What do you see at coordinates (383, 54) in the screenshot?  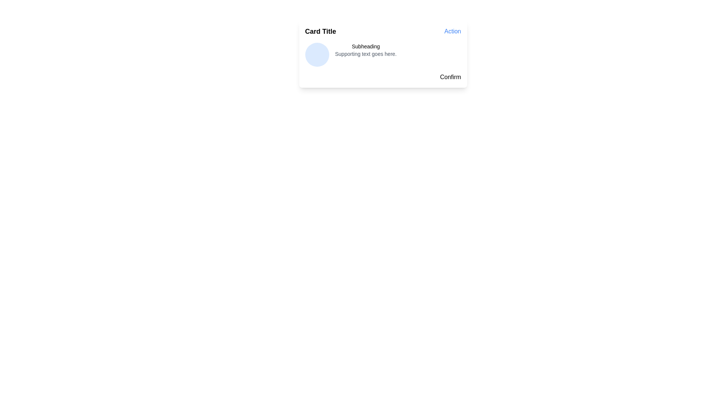 I see `the informational panel that provides a subheading and supporting text, located within the card layout titled 'Card Title', positioned below the title section and above the 'Confirm' button area` at bounding box center [383, 54].